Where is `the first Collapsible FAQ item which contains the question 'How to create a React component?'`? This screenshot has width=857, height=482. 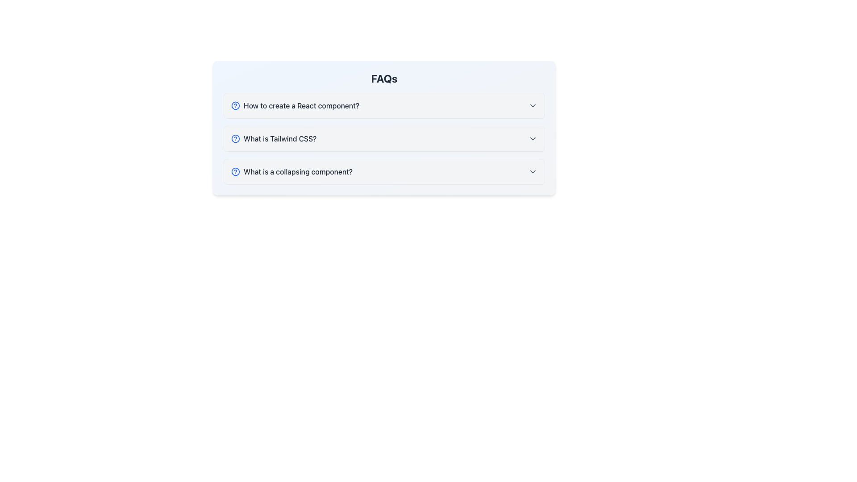
the first Collapsible FAQ item which contains the question 'How to create a React component?' is located at coordinates (384, 105).